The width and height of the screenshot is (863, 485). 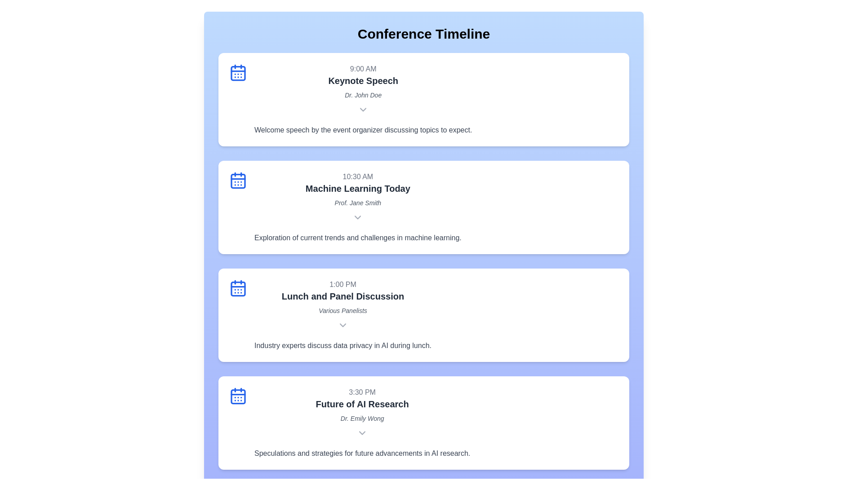 I want to click on the Text label indicating the scheduled time of the 'Future of AI Research' event in the timeline interface, which is positioned at the top of the corresponding section, so click(x=362, y=392).